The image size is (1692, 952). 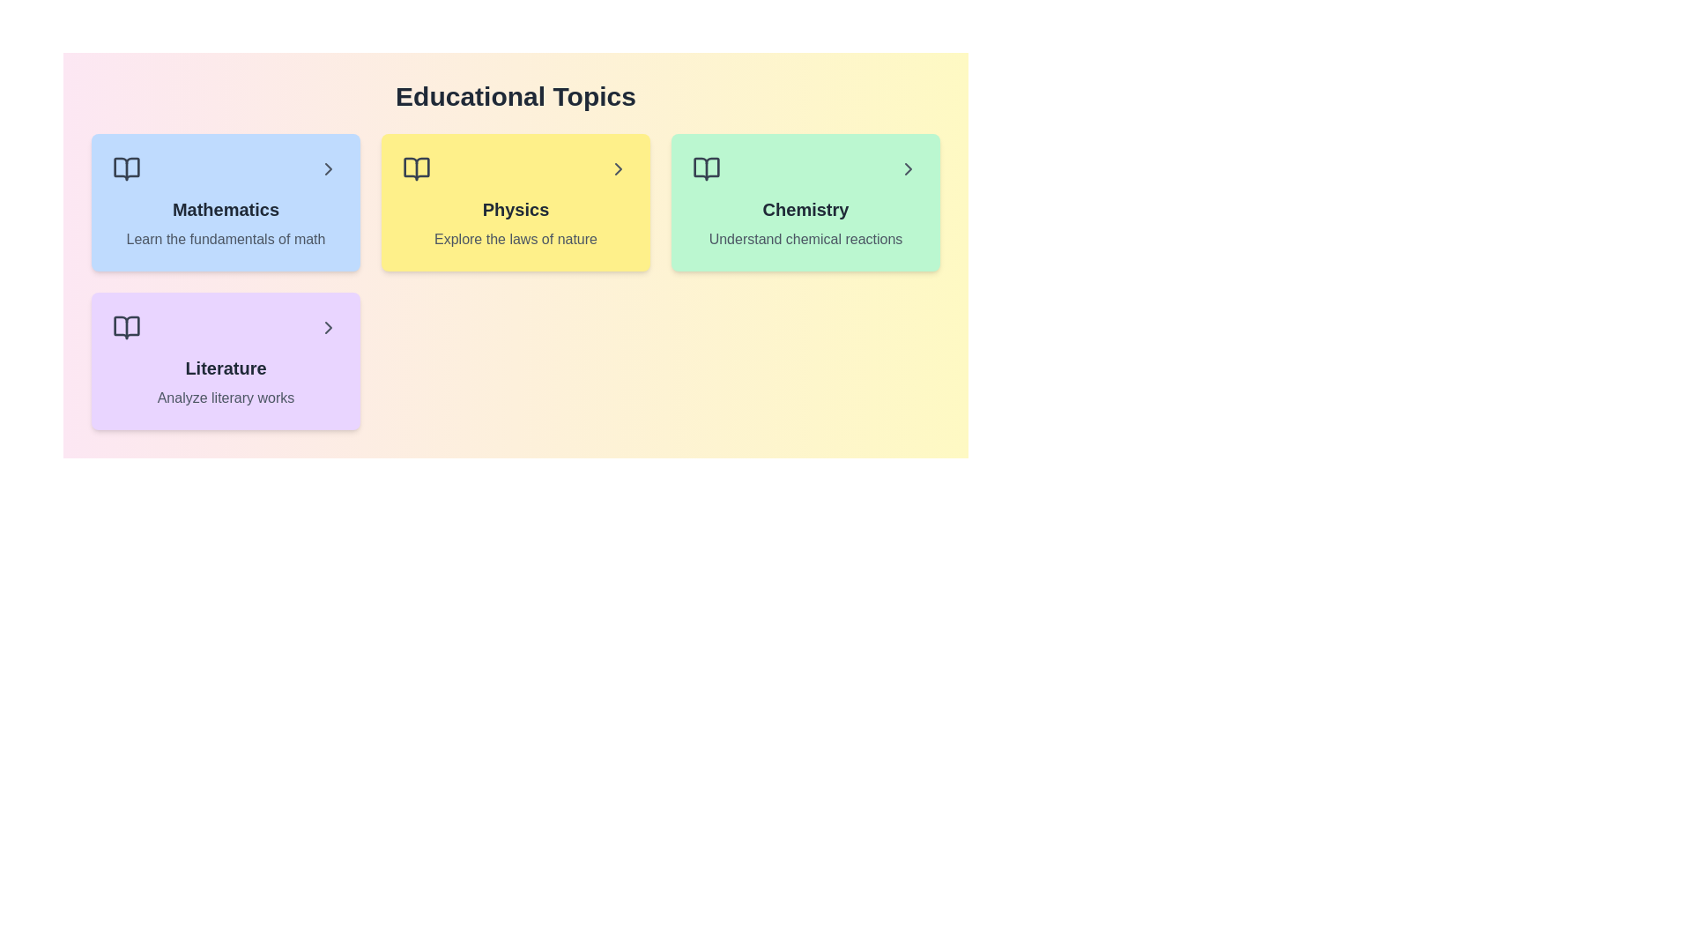 I want to click on the icon associated with the topic Chemistry, so click(x=706, y=169).